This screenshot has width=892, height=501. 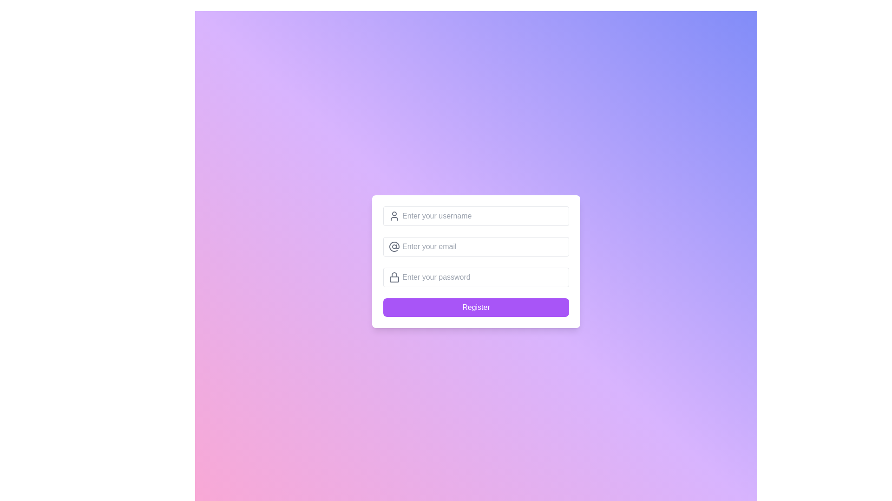 What do you see at coordinates (394, 276) in the screenshot?
I see `the lock icon positioned to the left of the password input field, which serves as a visual security indicator` at bounding box center [394, 276].